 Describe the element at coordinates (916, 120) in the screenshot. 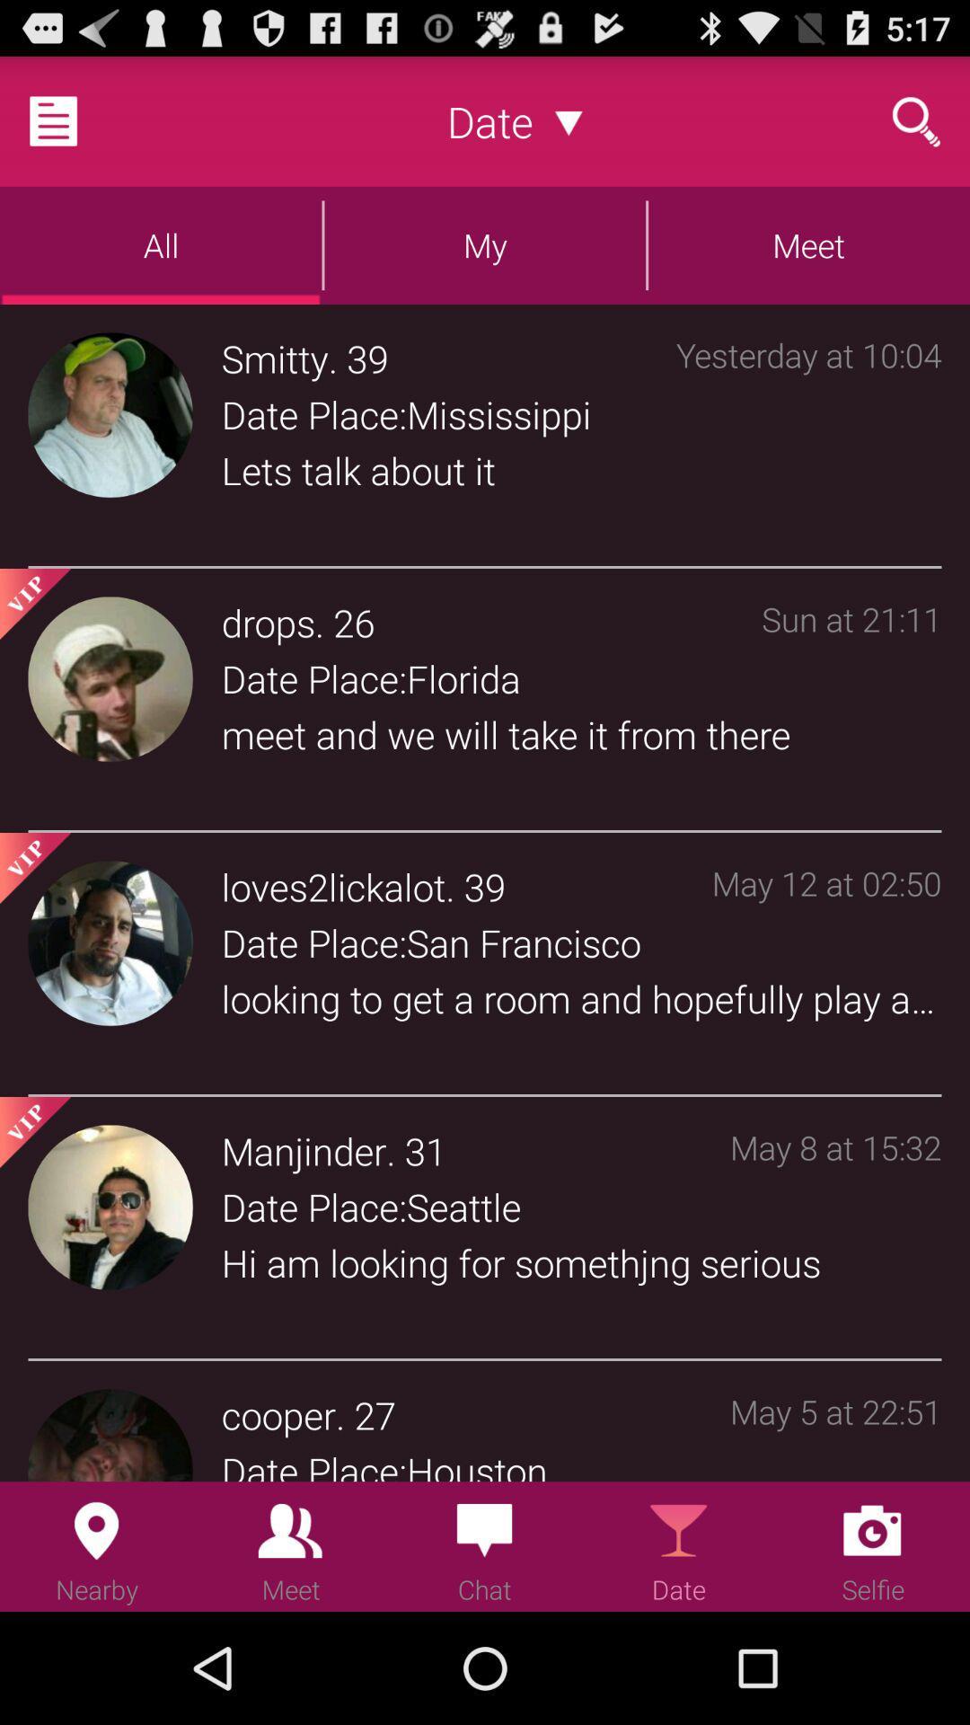

I see `type a search term` at that location.